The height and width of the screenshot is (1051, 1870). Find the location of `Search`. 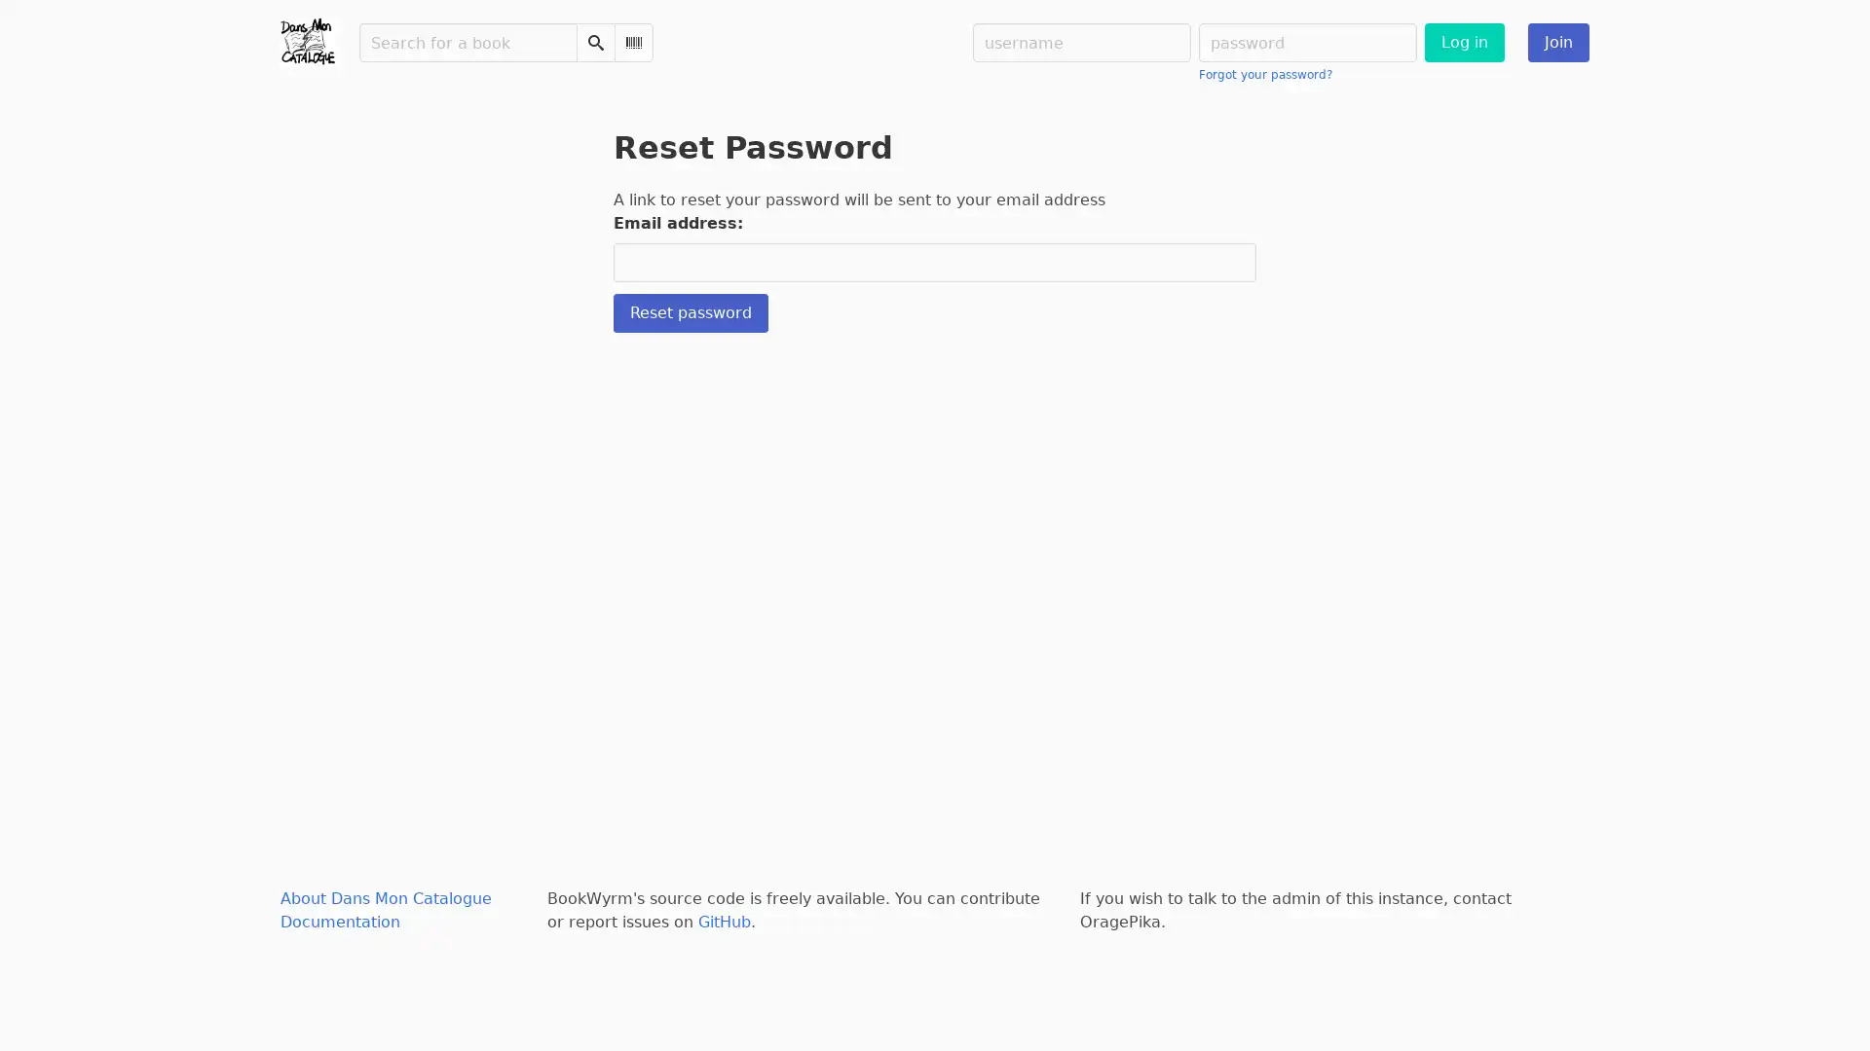

Search is located at coordinates (594, 42).